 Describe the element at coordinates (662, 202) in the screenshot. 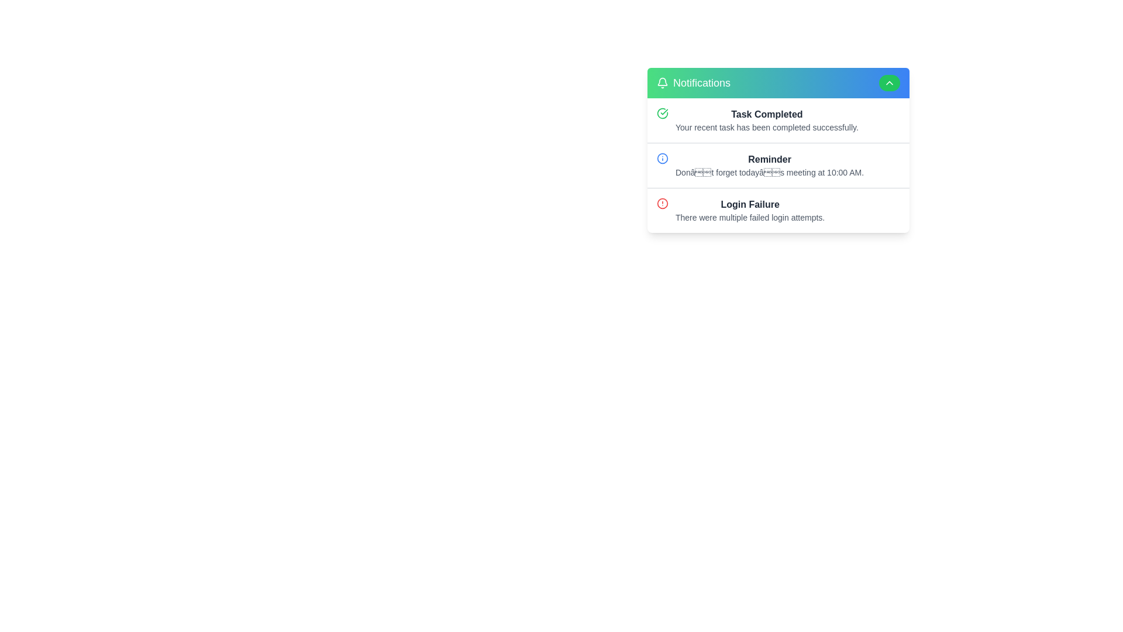

I see `the critical alert icon for 'Login Failure' located in the bottom notification panel's left-hand side` at that location.